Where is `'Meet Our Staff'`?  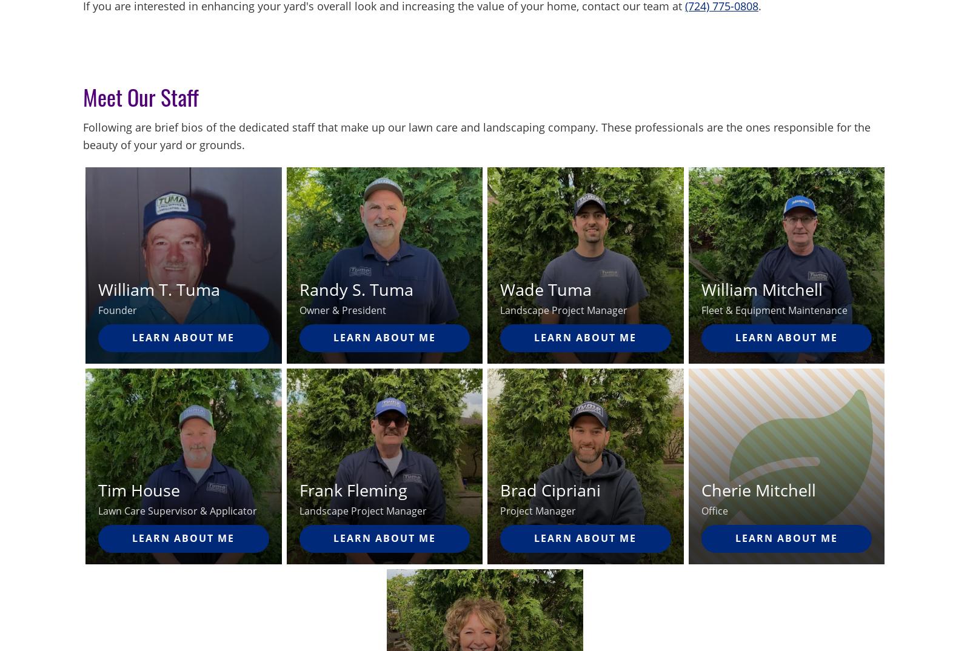
'Meet Our Staff' is located at coordinates (82, 96).